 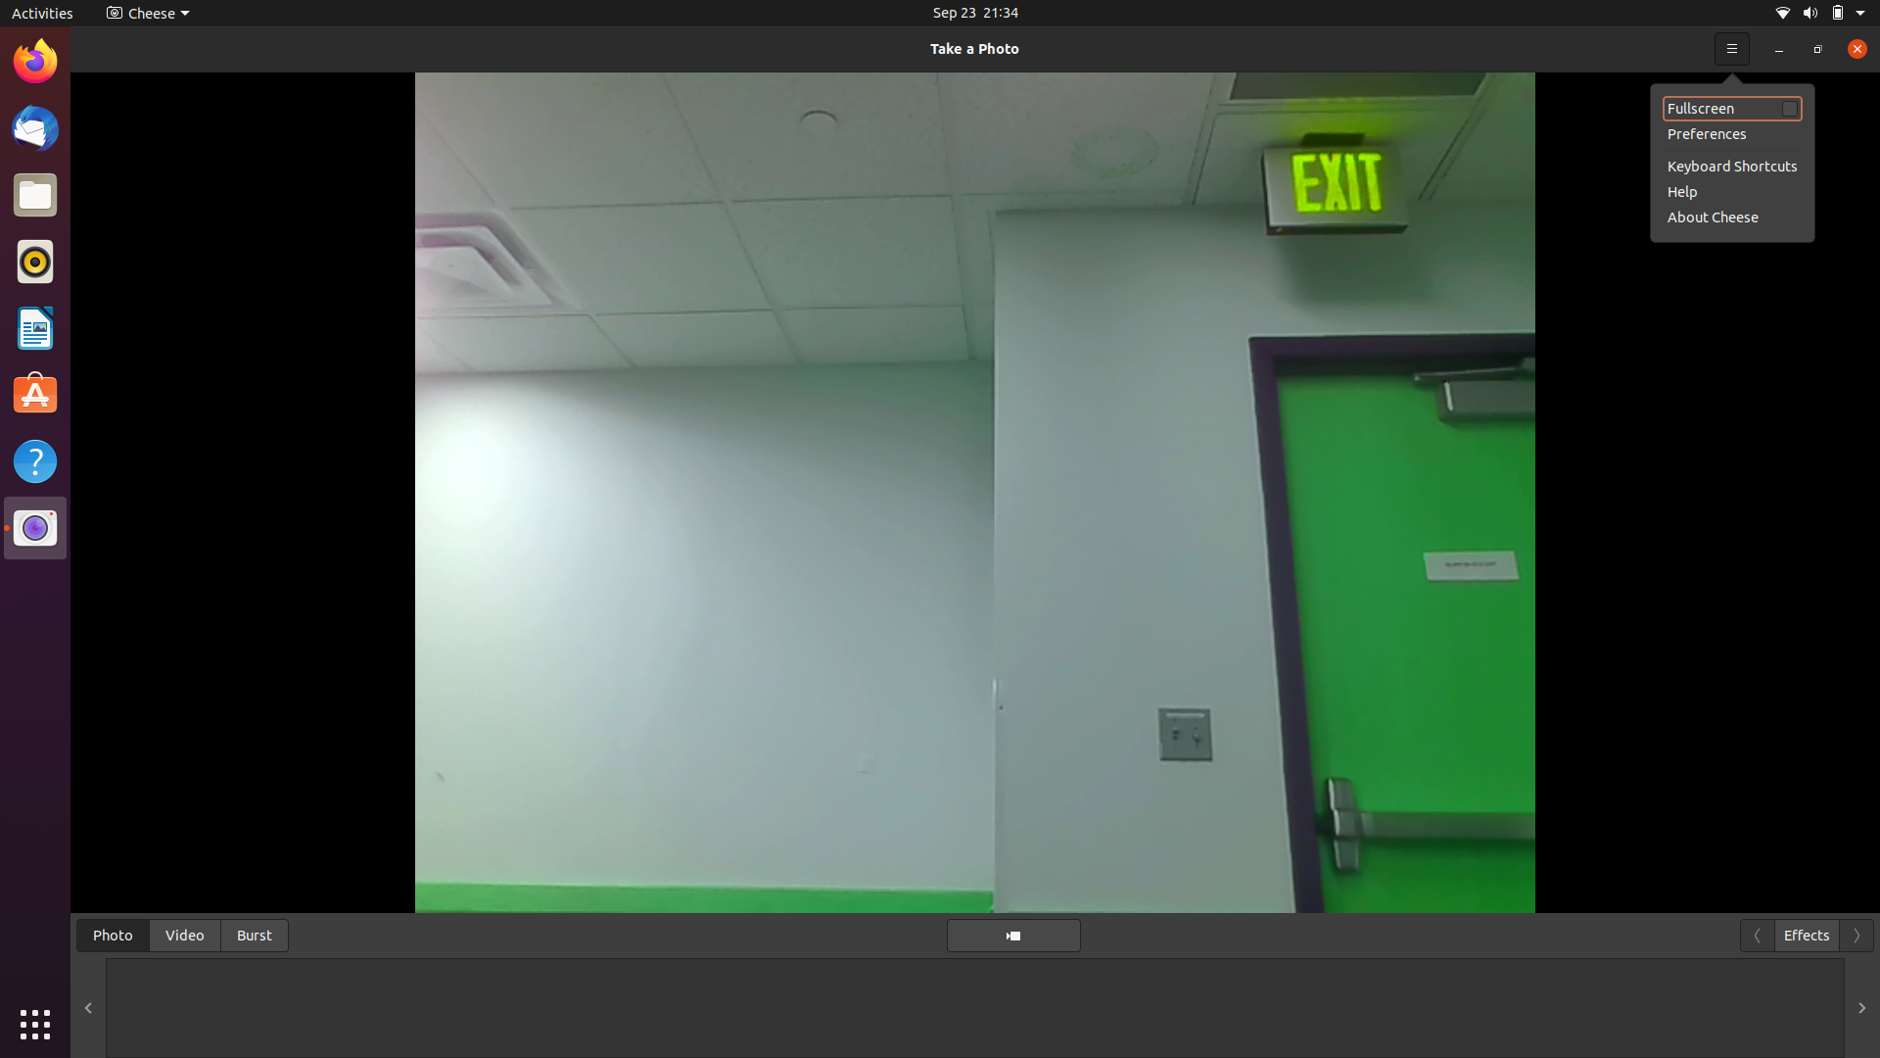 I want to click on preferences menu, so click(x=1731, y=133).